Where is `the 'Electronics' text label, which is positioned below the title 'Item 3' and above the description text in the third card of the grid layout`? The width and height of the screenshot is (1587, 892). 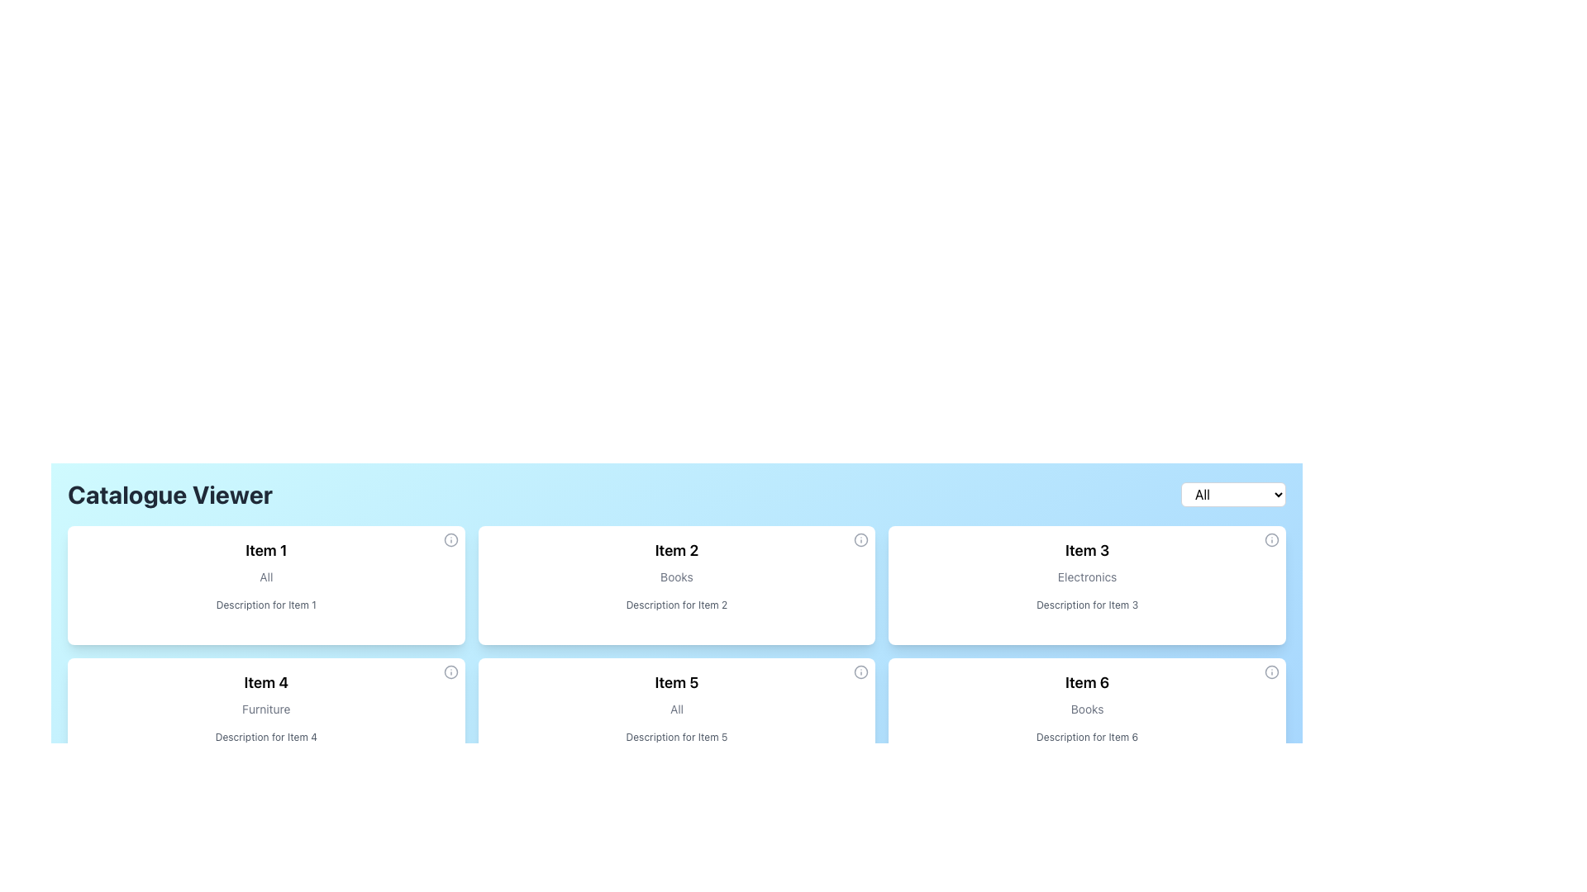
the 'Electronics' text label, which is positioned below the title 'Item 3' and above the description text in the third card of the grid layout is located at coordinates (1087, 576).